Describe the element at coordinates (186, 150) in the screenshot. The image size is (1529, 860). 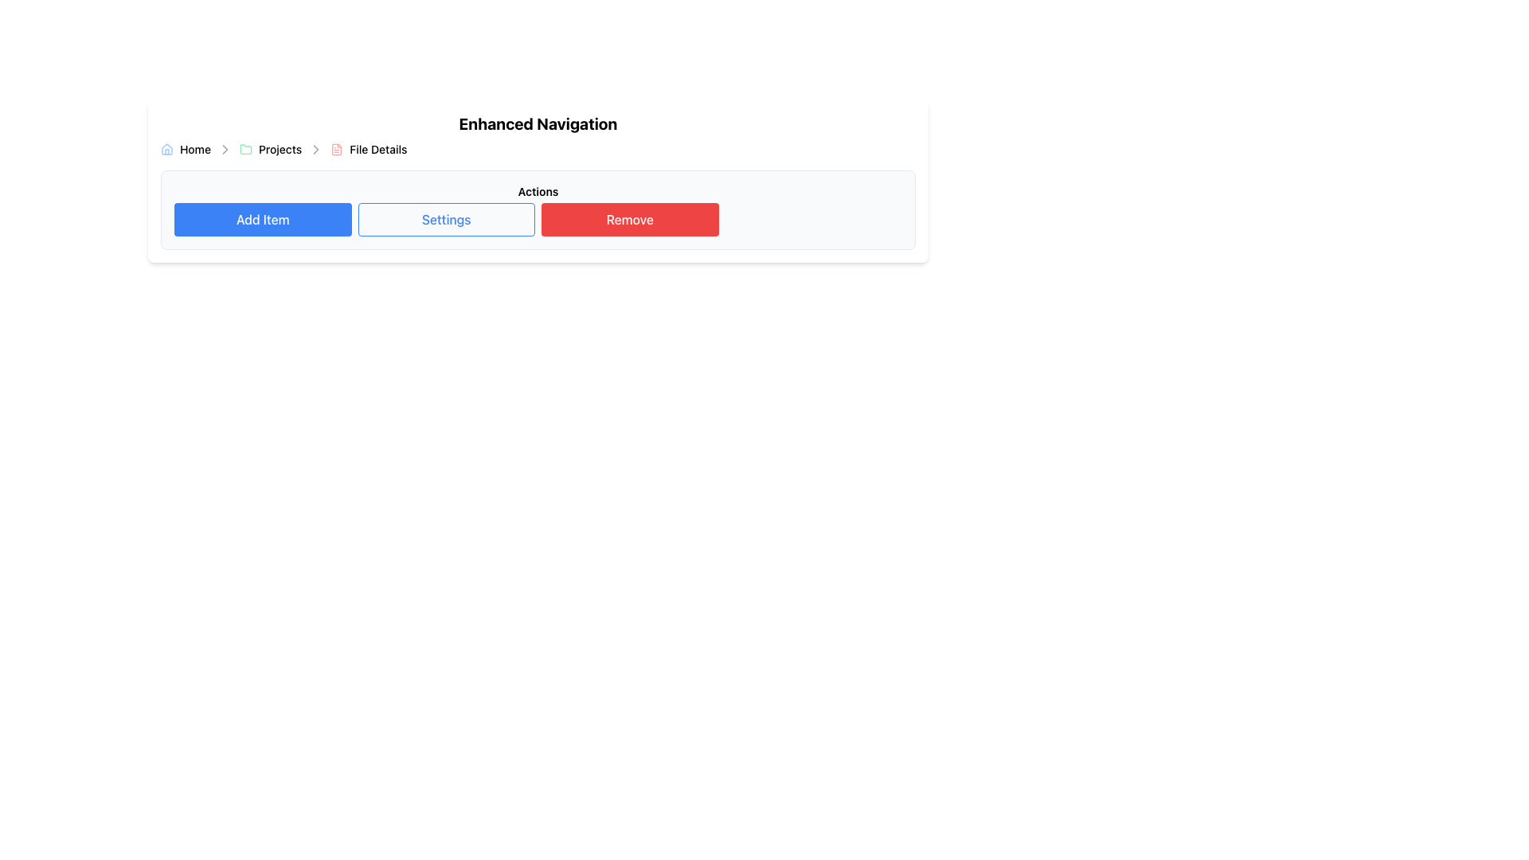
I see `the Breadcrumb Navigation Item at the top of the interface` at that location.